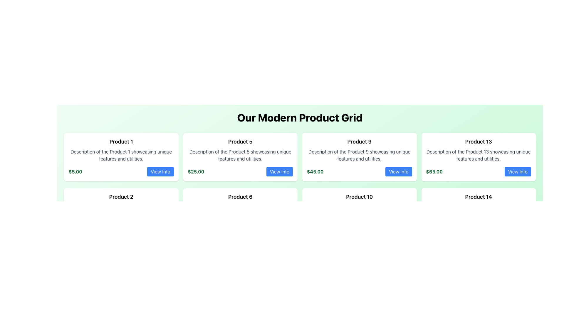 The width and height of the screenshot is (564, 317). I want to click on the text block providing additional details about Product 13, located centrally below the title 'Product 13' within the product information card, so click(479, 155).